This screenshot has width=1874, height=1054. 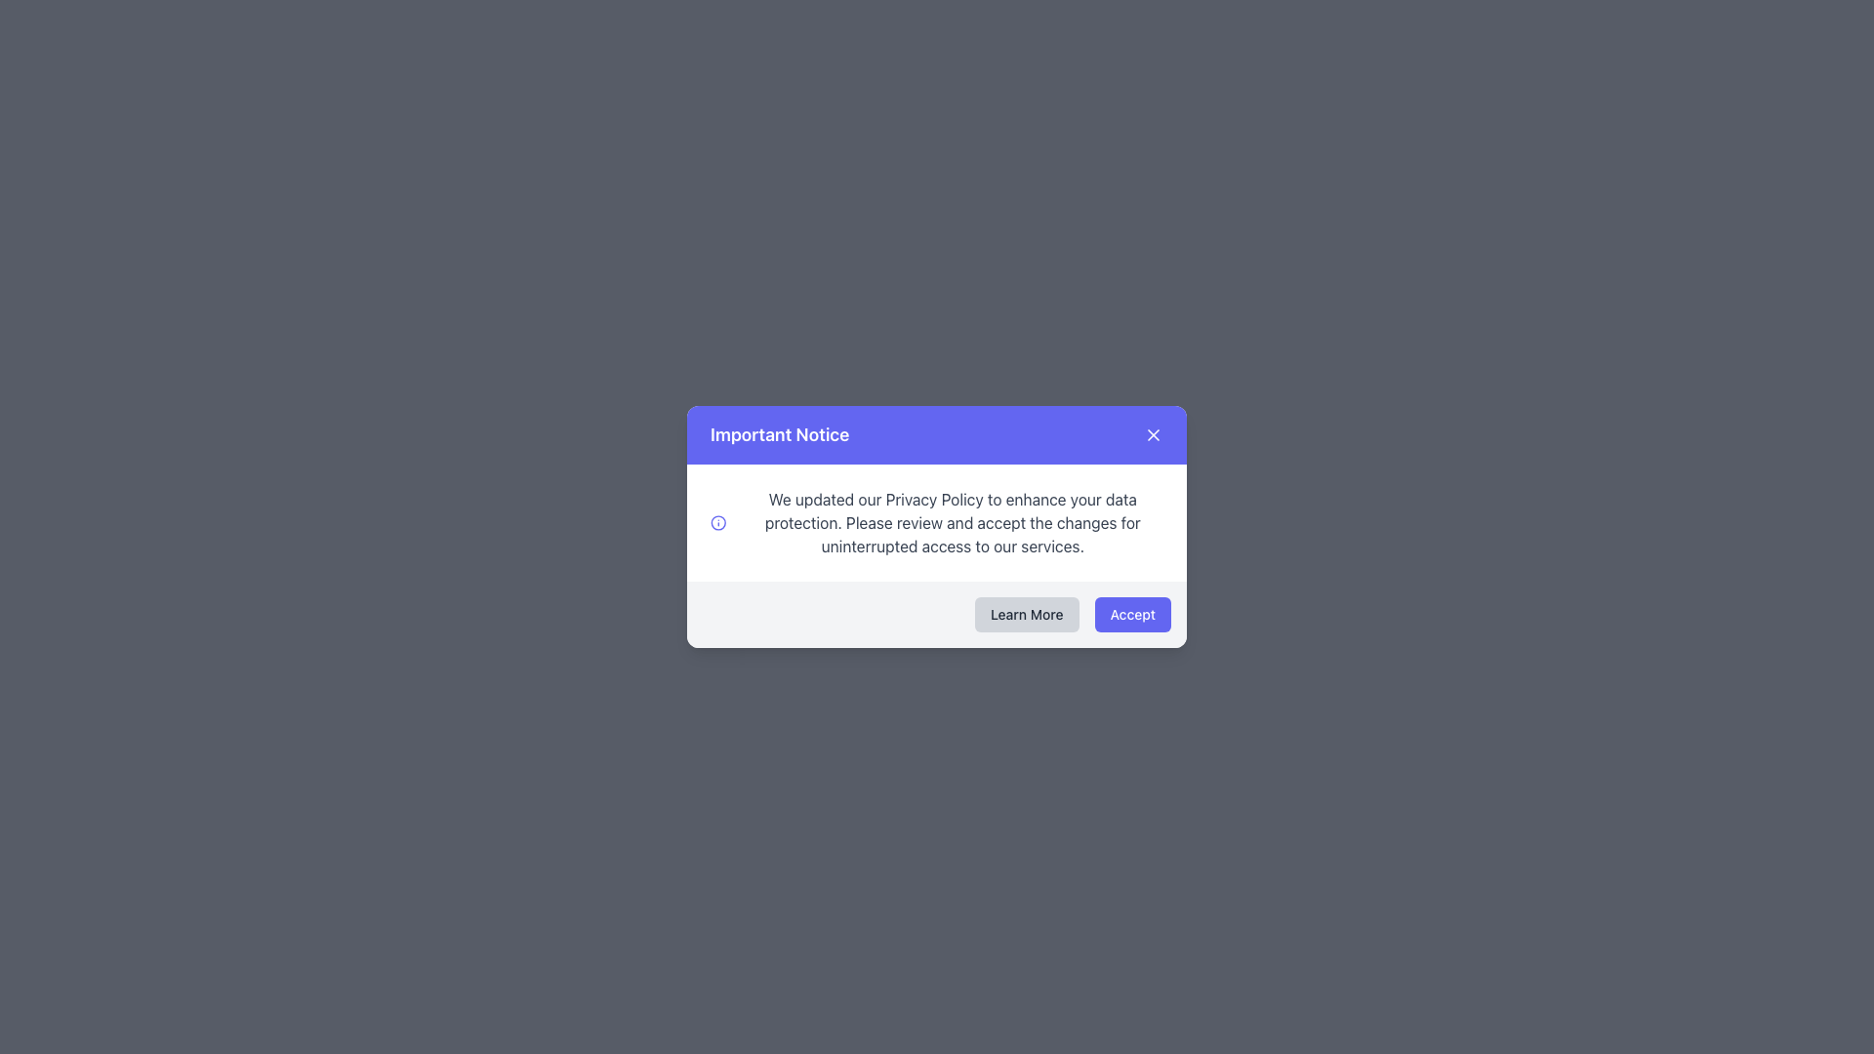 I want to click on the consent button located in the bottom-right corner of the modal dialog box, so click(x=1132, y=613).